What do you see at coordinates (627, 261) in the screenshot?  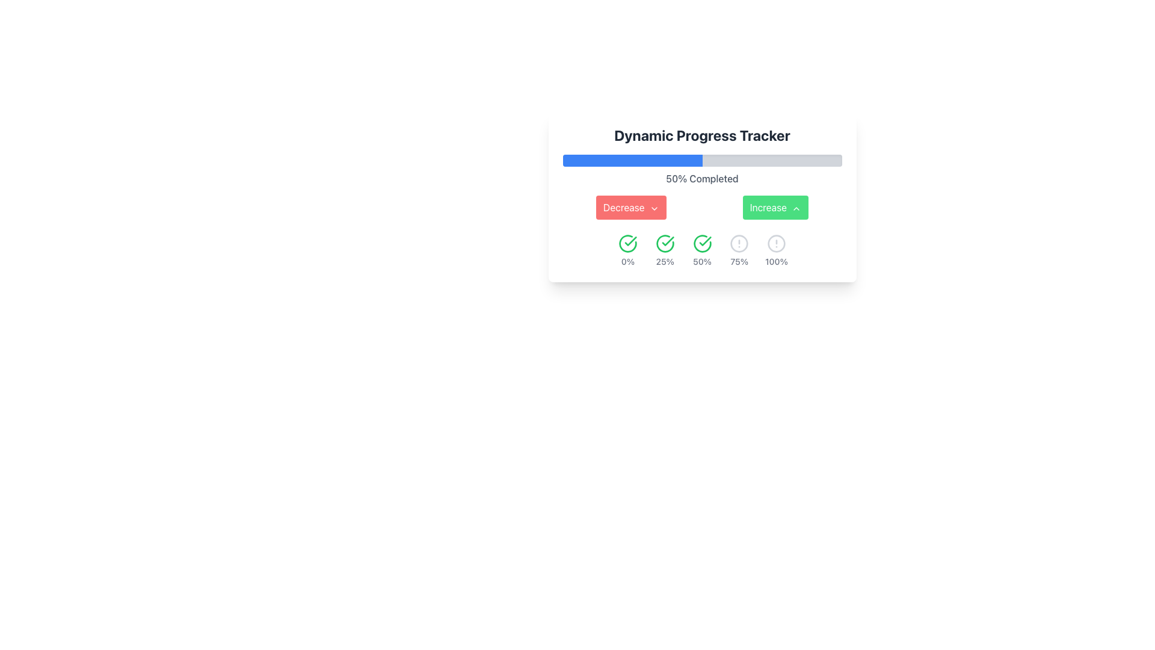 I see `the Text Display element showing '0%' percentage, which is styled in light gray and positioned below a circular graphical element` at bounding box center [627, 261].